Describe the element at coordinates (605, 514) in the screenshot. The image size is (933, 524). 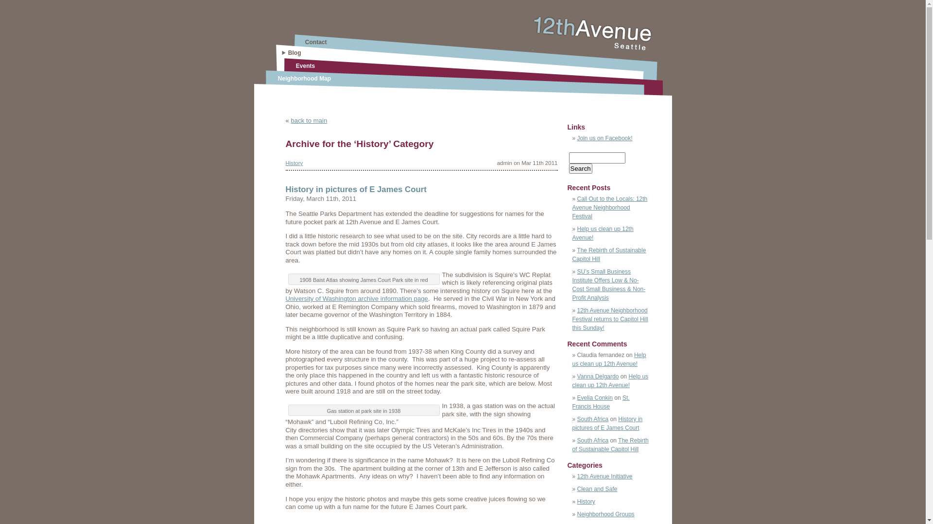
I see `'Neighborhood Groups'` at that location.